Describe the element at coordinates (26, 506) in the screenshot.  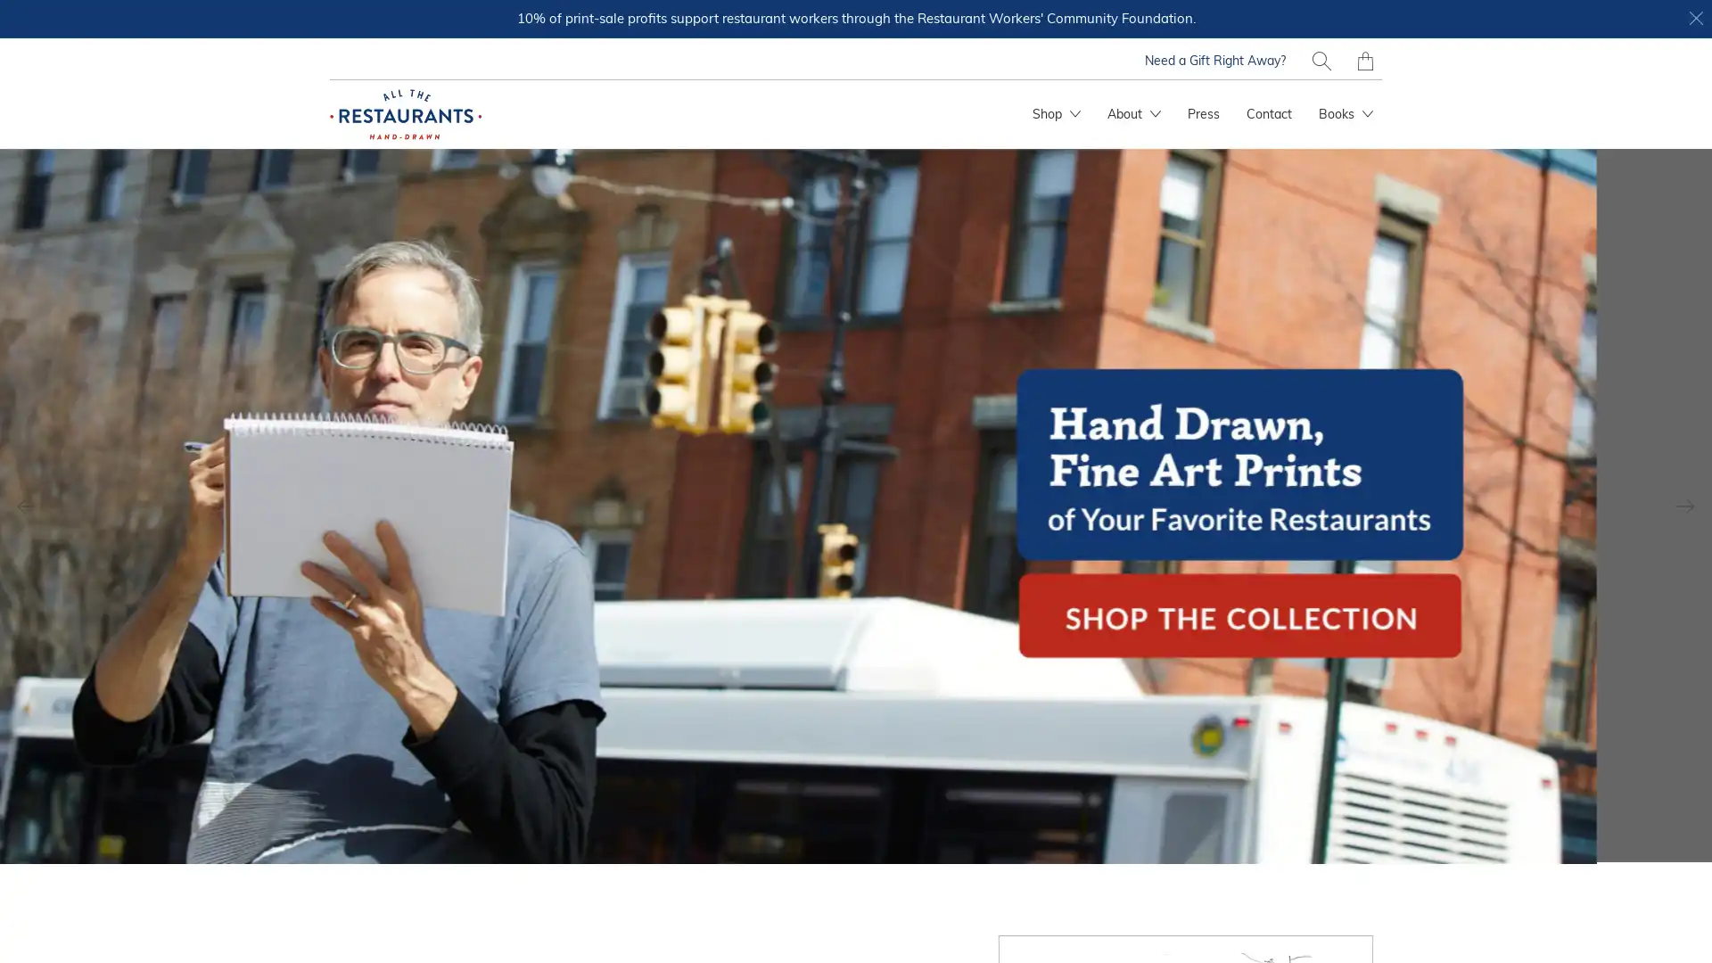
I see `Previous` at that location.